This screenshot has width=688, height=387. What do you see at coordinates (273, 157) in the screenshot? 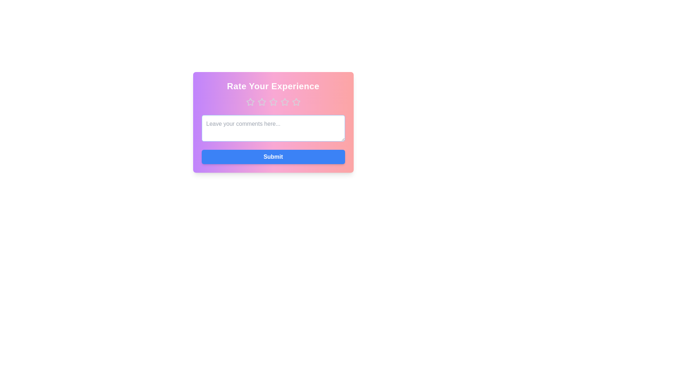
I see `the submit button` at bounding box center [273, 157].